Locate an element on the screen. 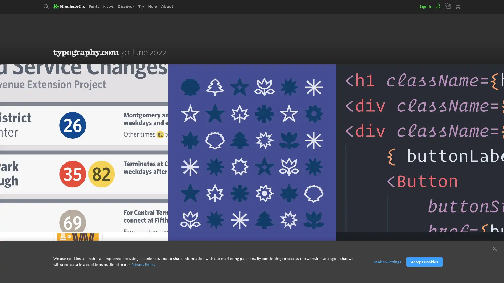  View your favorites is located at coordinates (448, 6).